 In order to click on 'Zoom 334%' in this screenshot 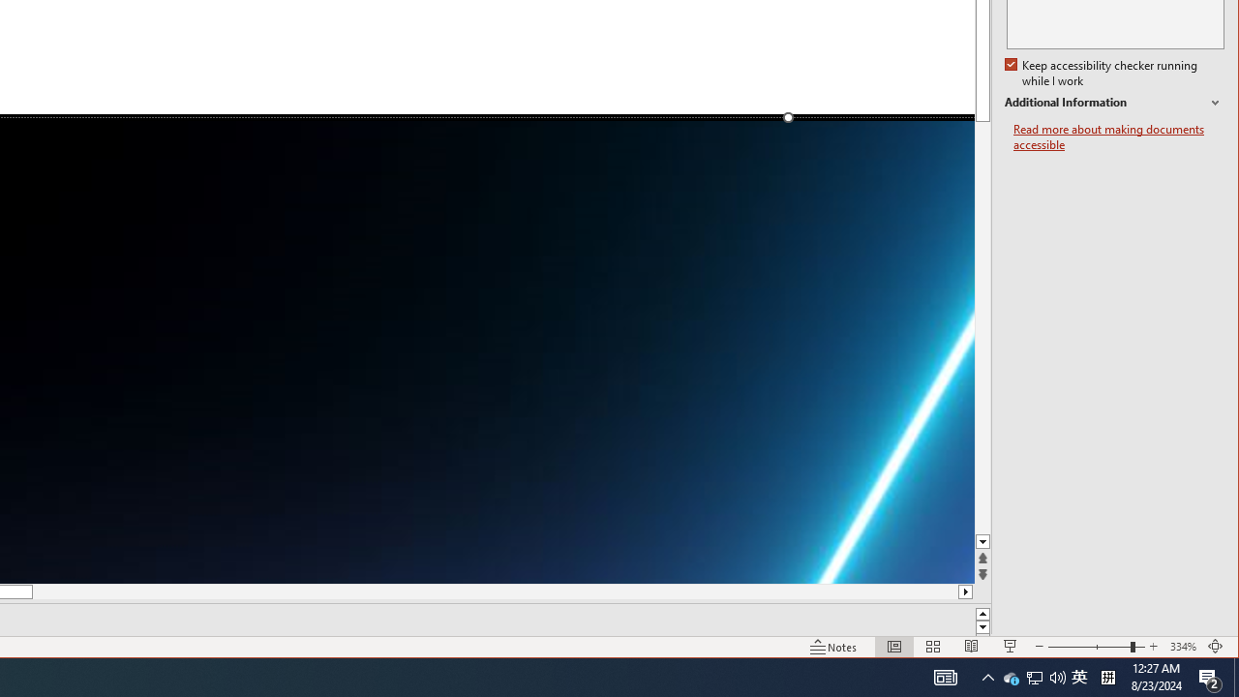, I will do `click(1182, 647)`.